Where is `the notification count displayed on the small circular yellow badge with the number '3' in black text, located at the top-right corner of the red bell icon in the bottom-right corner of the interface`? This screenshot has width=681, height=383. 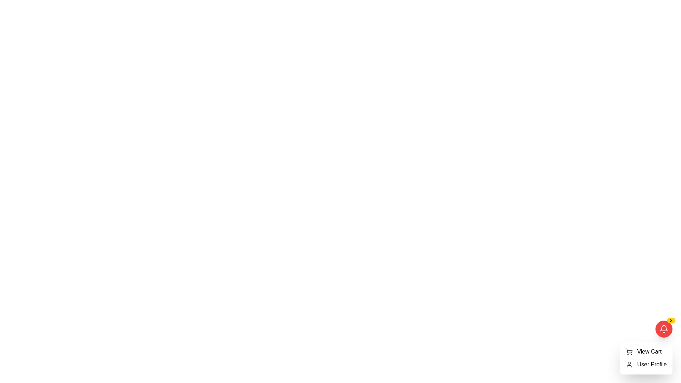
the notification count displayed on the small circular yellow badge with the number '3' in black text, located at the top-right corner of the red bell icon in the bottom-right corner of the interface is located at coordinates (671, 320).